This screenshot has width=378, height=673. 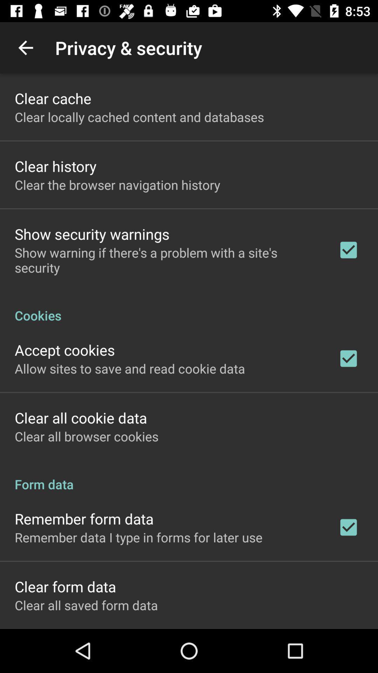 I want to click on show warning if item, so click(x=167, y=260).